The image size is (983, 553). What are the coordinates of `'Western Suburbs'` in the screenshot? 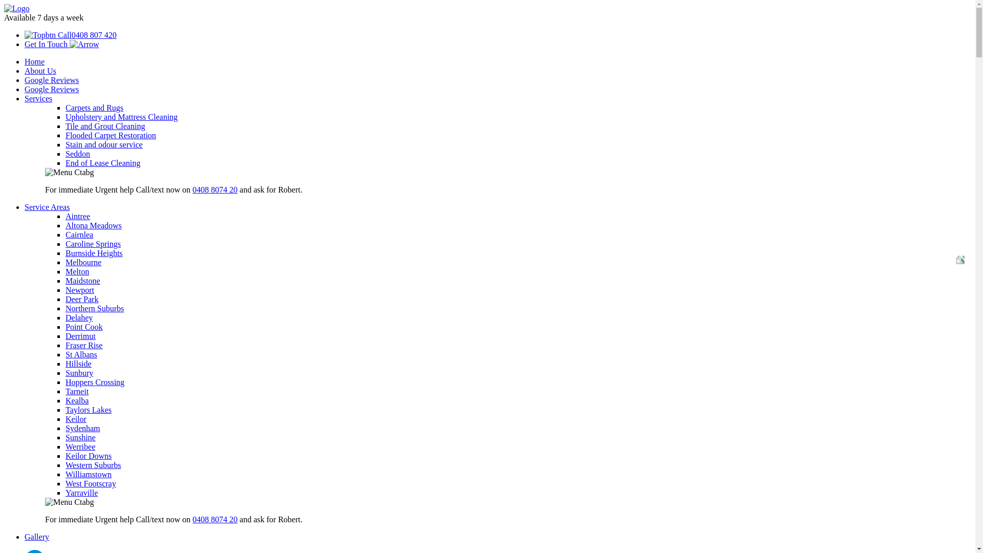 It's located at (65, 465).